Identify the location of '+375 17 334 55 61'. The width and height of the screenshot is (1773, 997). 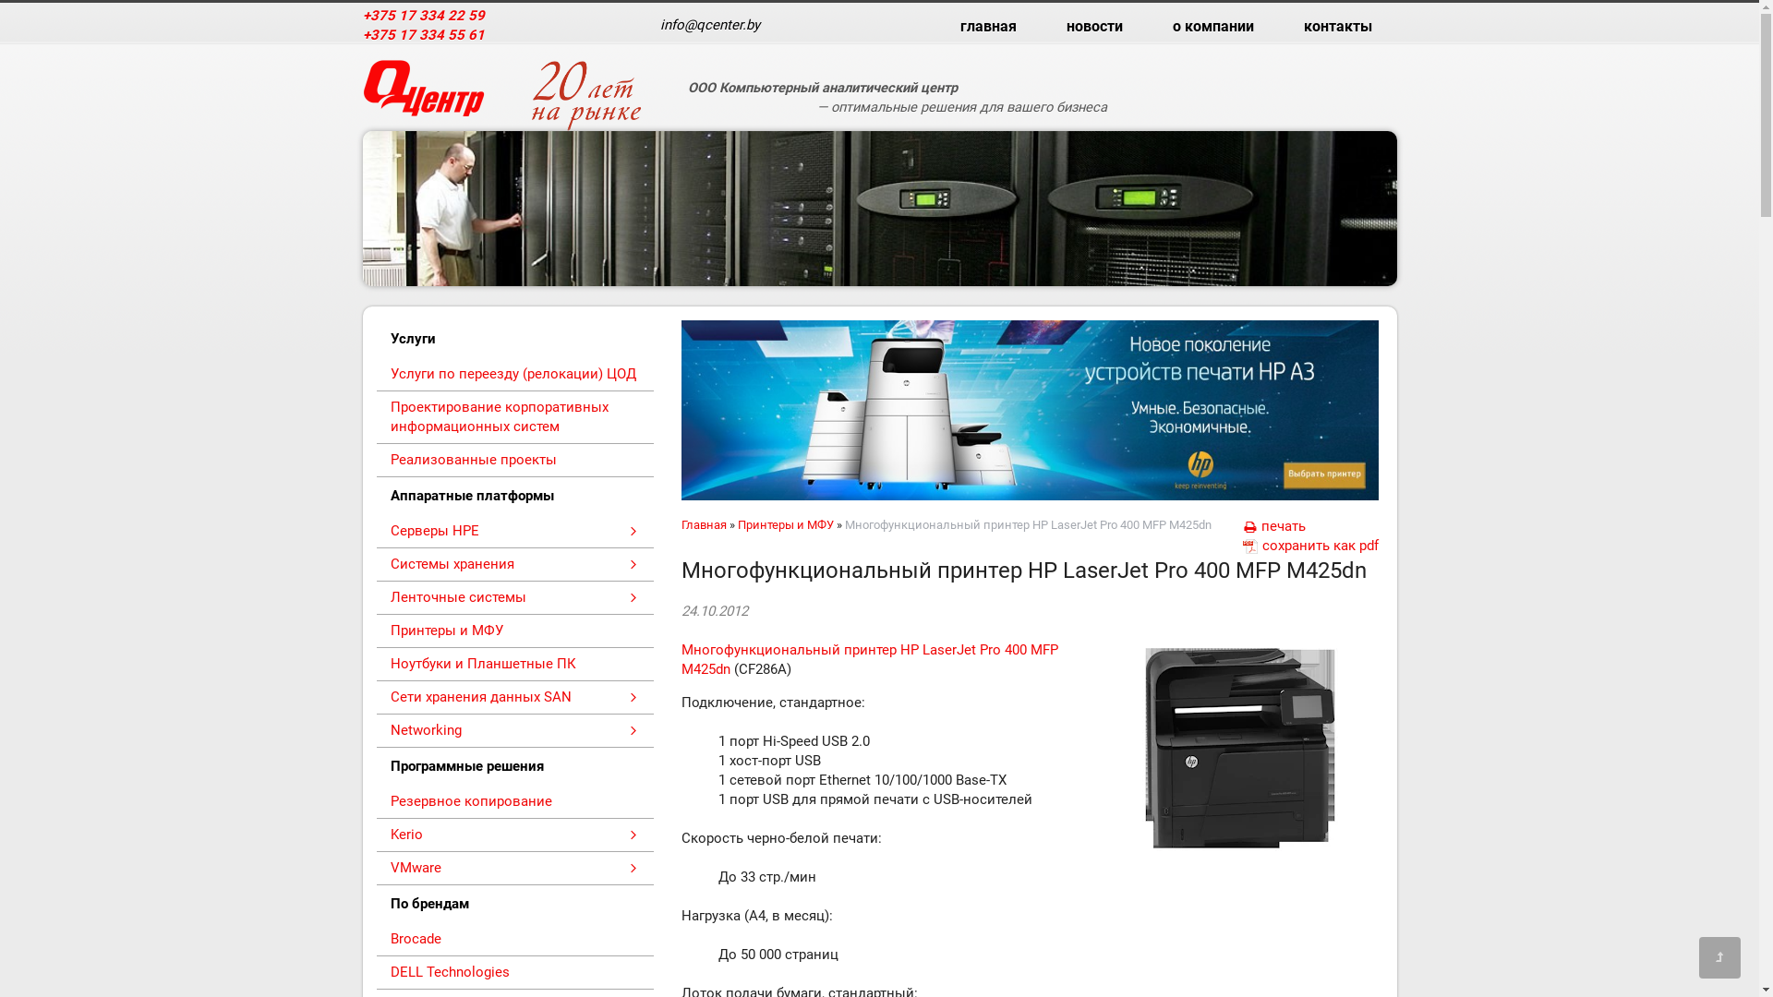
(421, 35).